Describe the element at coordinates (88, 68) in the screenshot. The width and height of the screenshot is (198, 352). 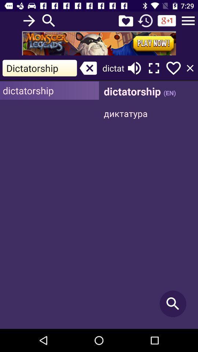
I see `the close icon` at that location.